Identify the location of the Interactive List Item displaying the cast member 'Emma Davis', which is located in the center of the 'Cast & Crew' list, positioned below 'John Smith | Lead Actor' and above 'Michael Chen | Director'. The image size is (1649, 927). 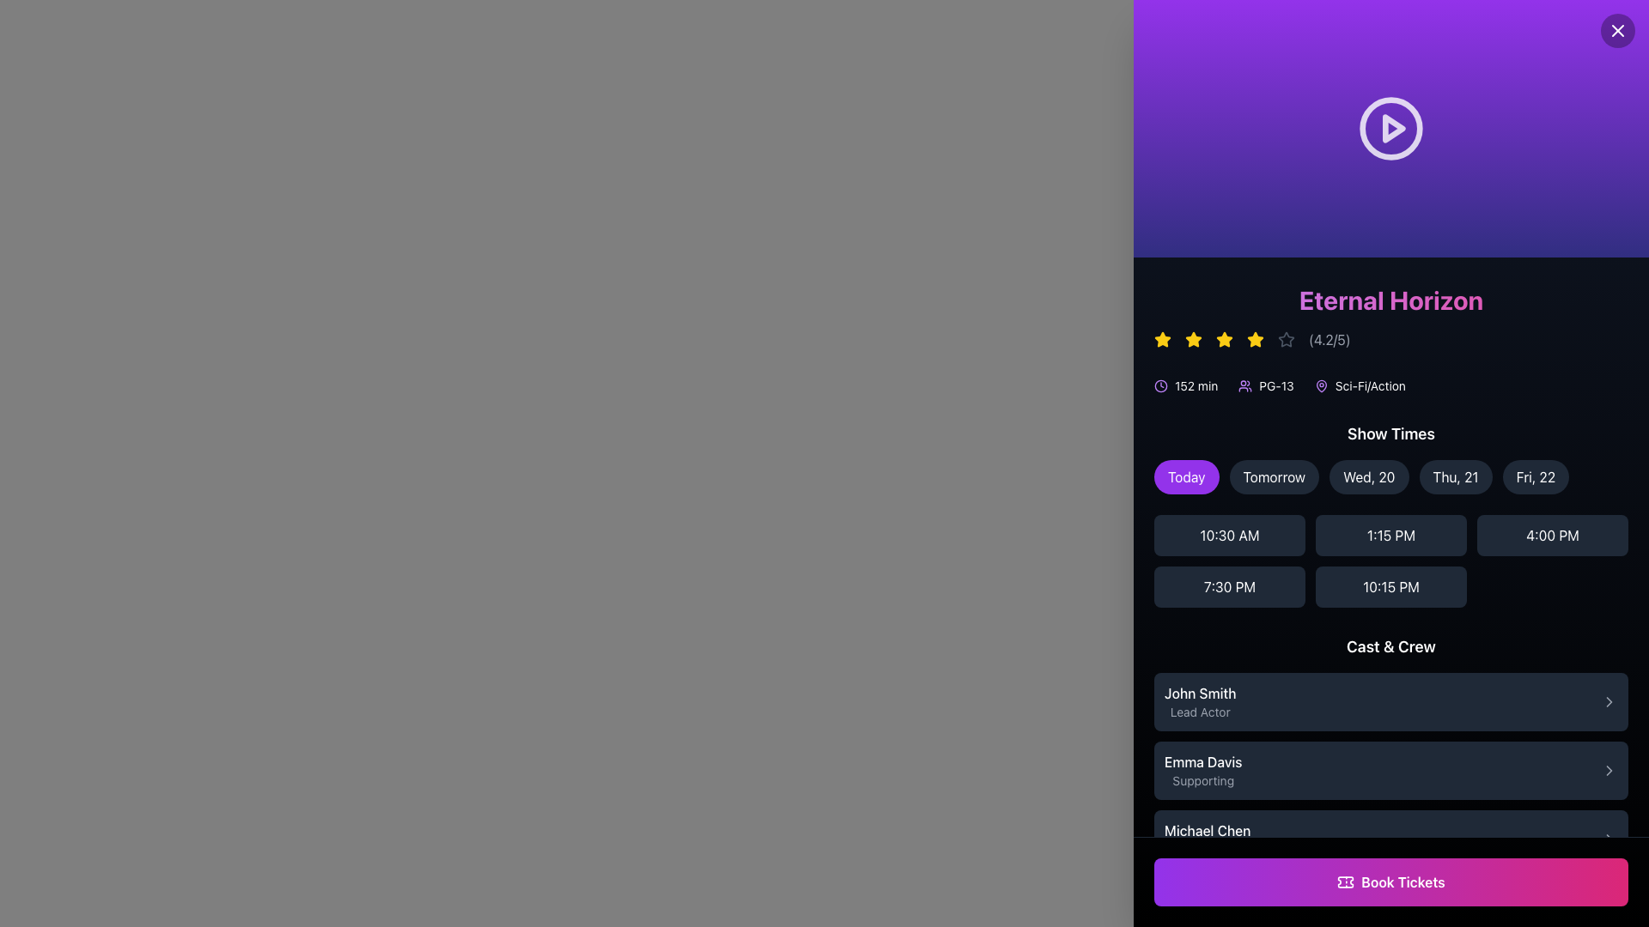
(1391, 770).